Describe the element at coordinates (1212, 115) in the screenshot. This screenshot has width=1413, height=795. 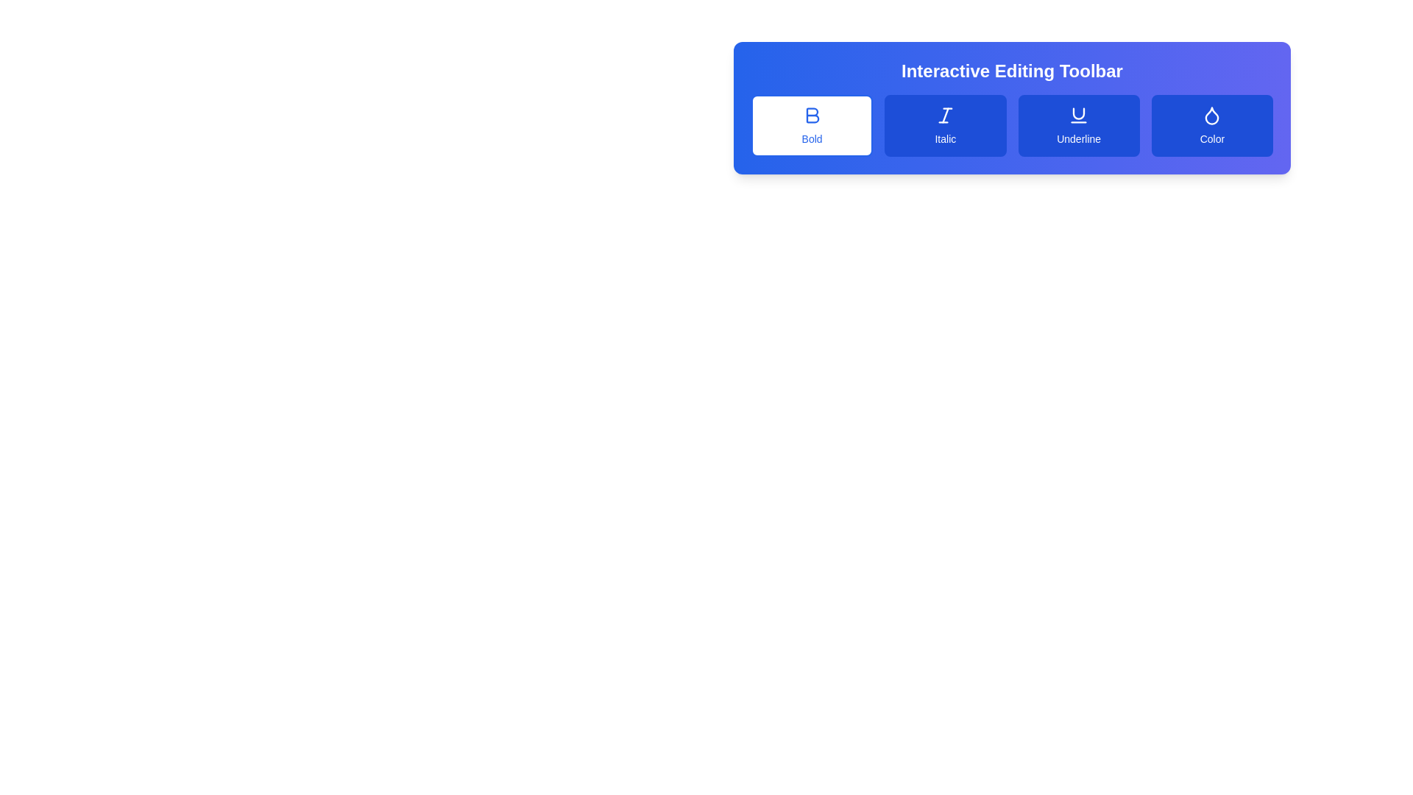
I see `the color selection icon located at the far right of the horizontal toolbar` at that location.